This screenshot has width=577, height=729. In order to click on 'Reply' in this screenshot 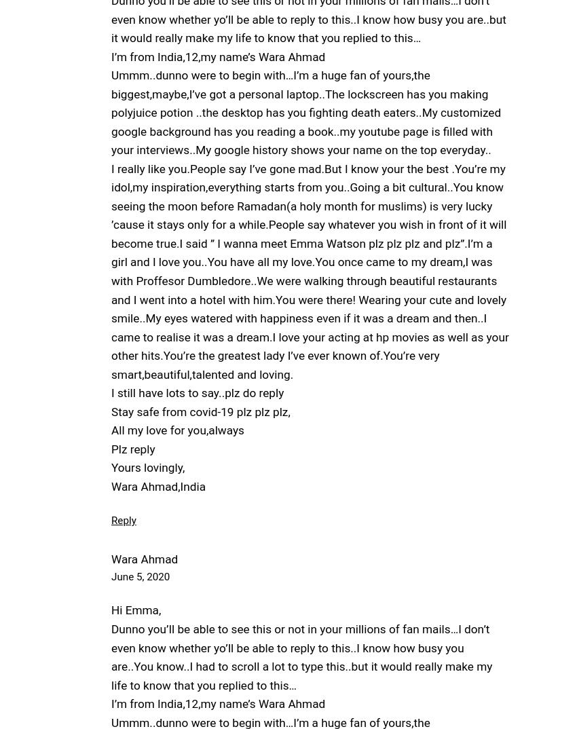, I will do `click(122, 520)`.